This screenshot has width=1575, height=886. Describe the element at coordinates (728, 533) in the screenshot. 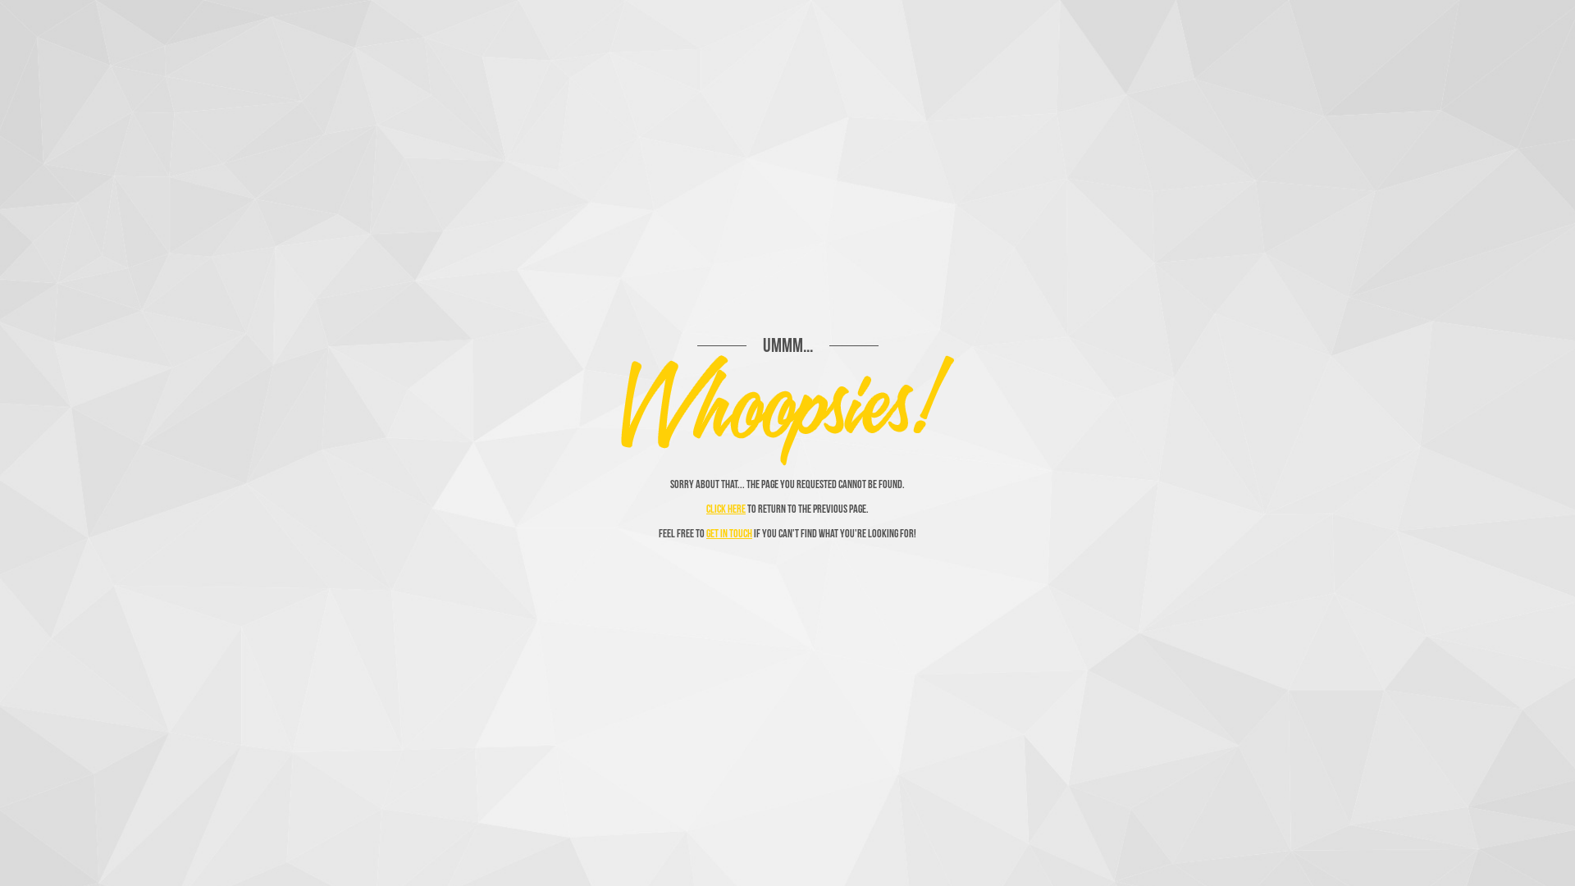

I see `'get in touch'` at that location.